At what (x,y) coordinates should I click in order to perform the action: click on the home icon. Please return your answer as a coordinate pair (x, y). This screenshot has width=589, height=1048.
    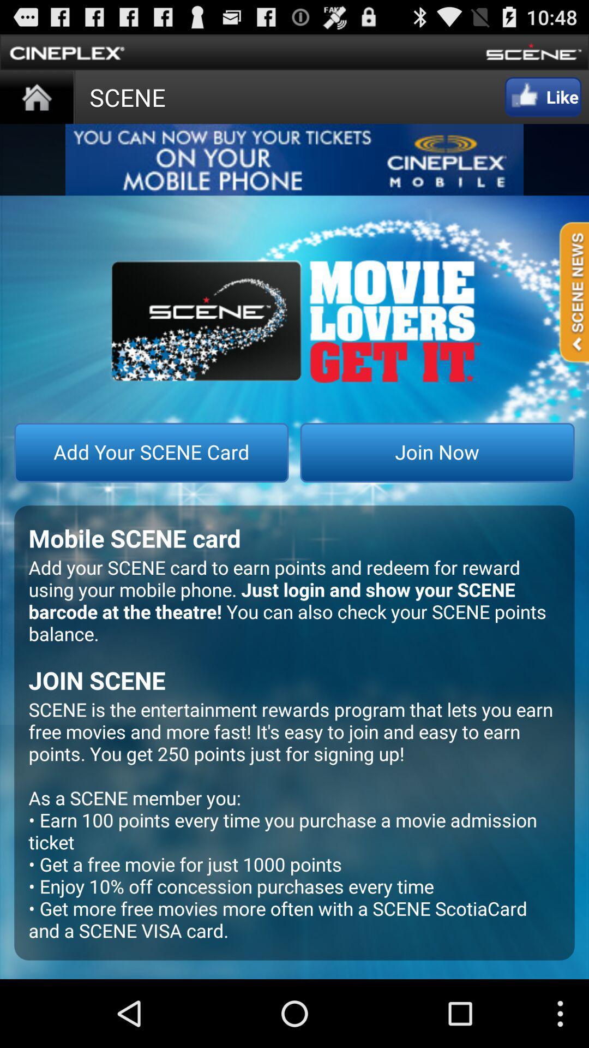
    Looking at the image, I should click on (36, 104).